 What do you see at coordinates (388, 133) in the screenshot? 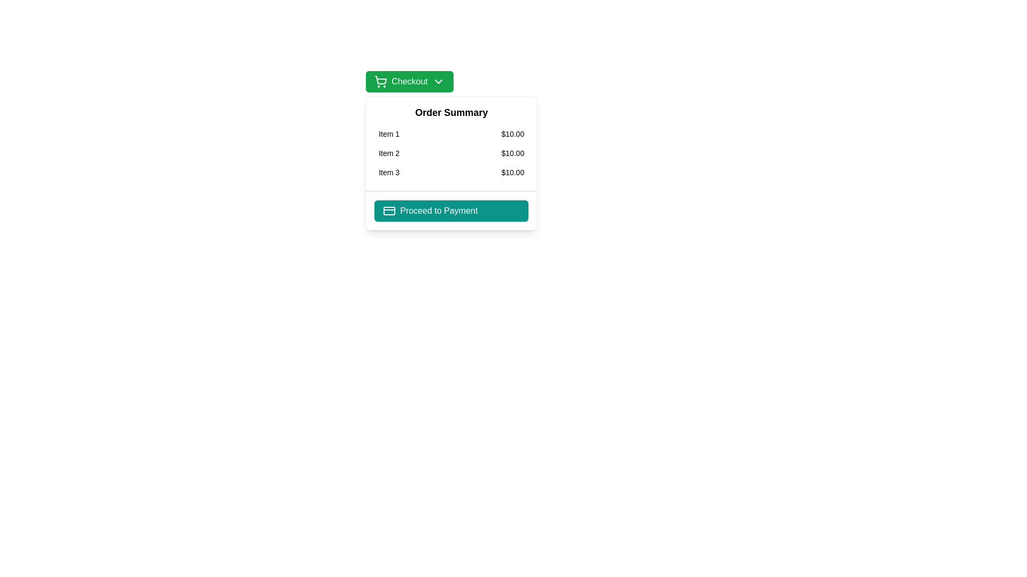
I see `the 'Item 1' text label in the 'Order Summary' section, which is the first item in the list, positioned to the left of the price '$10.00'` at bounding box center [388, 133].